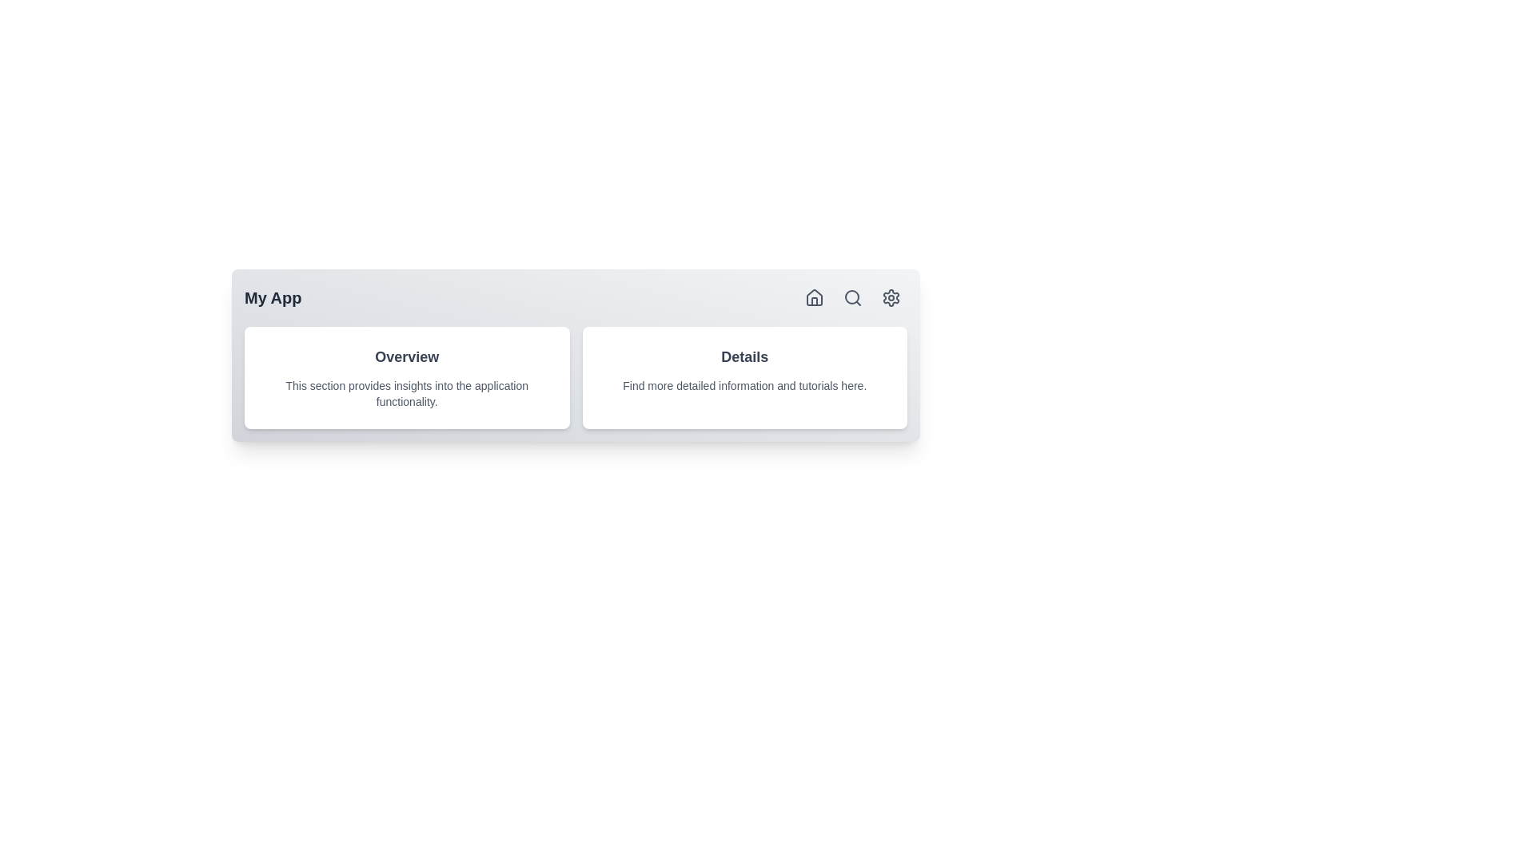 This screenshot has width=1535, height=863. What do you see at coordinates (814, 296) in the screenshot?
I see `the house-shaped icon in the top-right corner of the navigation bar` at bounding box center [814, 296].